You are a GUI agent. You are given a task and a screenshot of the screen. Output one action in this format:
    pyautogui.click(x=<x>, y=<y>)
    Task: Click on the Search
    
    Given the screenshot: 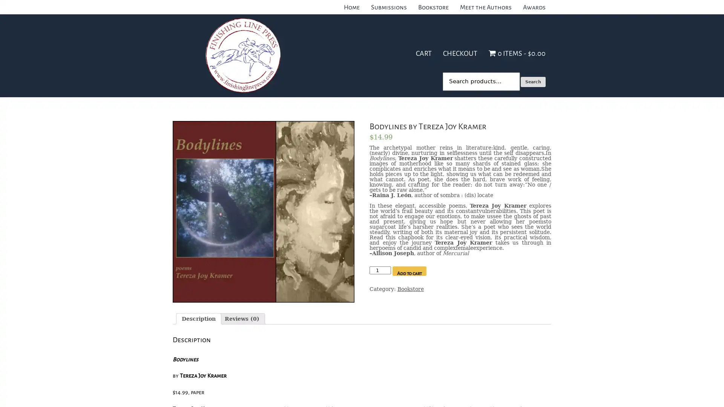 What is the action you would take?
    pyautogui.click(x=533, y=82)
    